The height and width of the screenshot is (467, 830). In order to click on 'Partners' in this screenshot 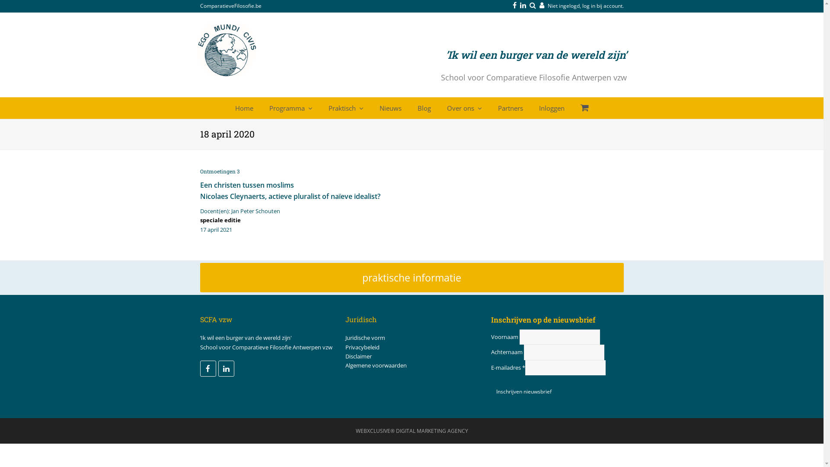, I will do `click(510, 108)`.